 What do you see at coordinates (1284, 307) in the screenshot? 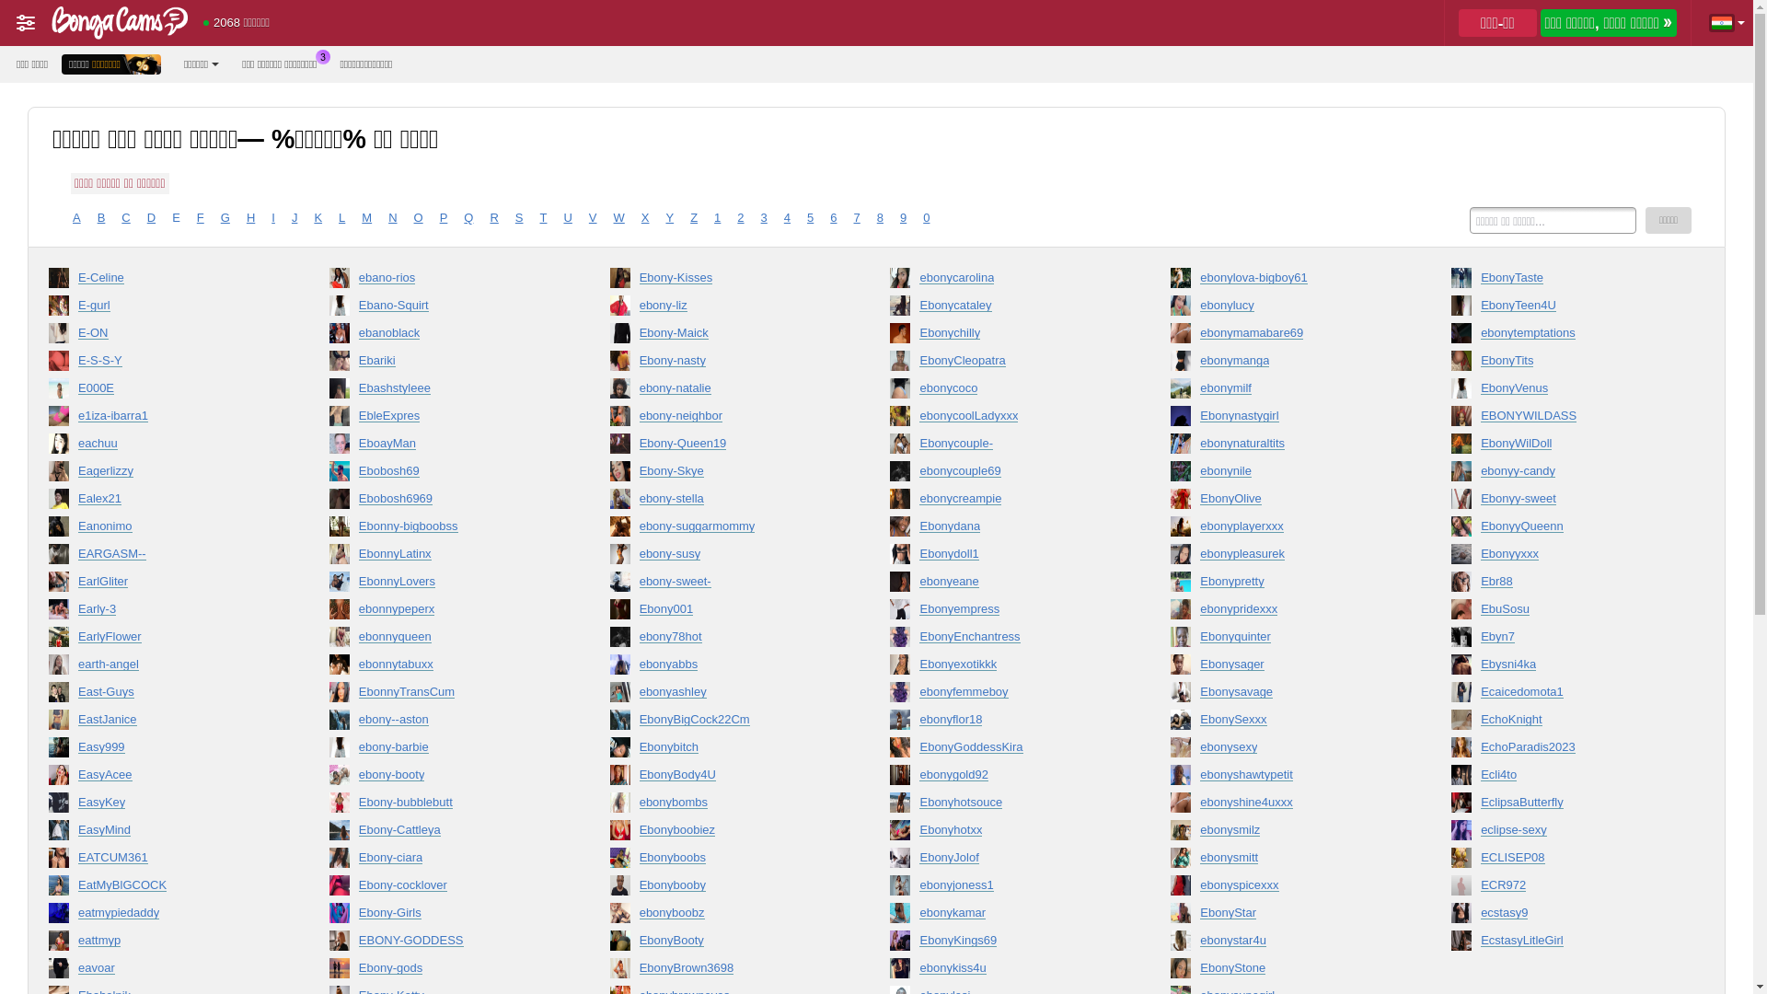
I see `'ebonylucy'` at bounding box center [1284, 307].